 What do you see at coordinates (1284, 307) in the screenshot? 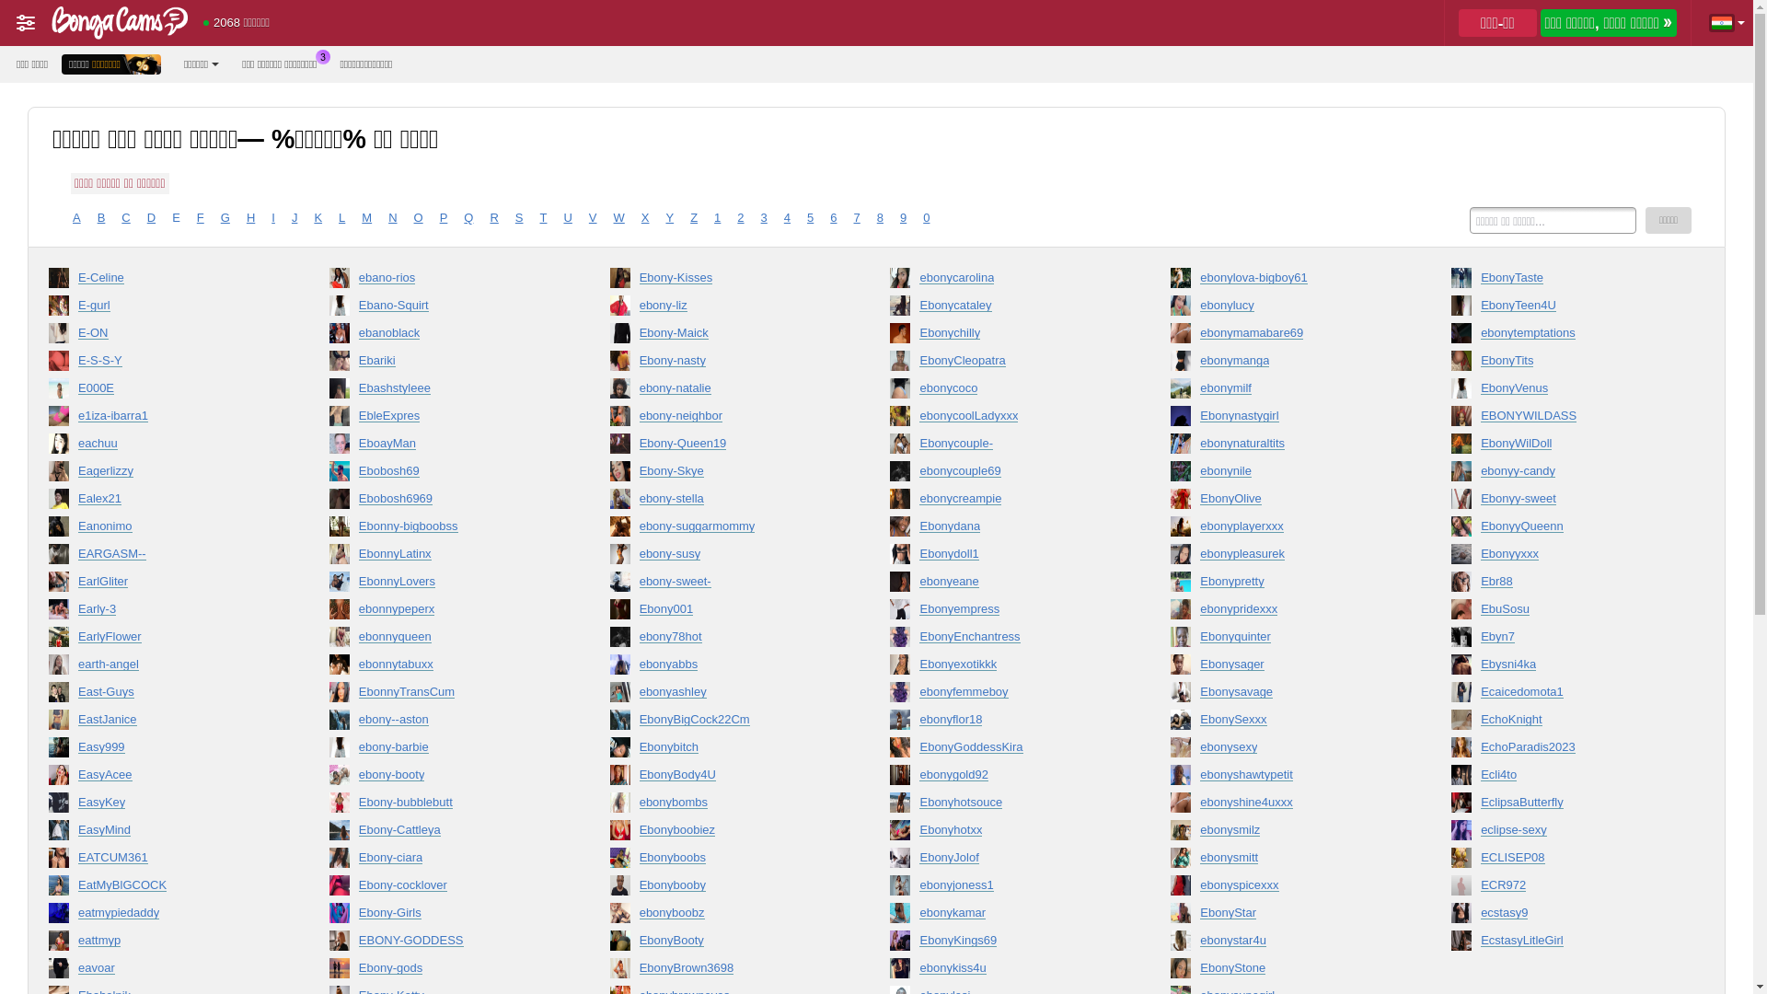
I see `'ebonylucy'` at bounding box center [1284, 307].